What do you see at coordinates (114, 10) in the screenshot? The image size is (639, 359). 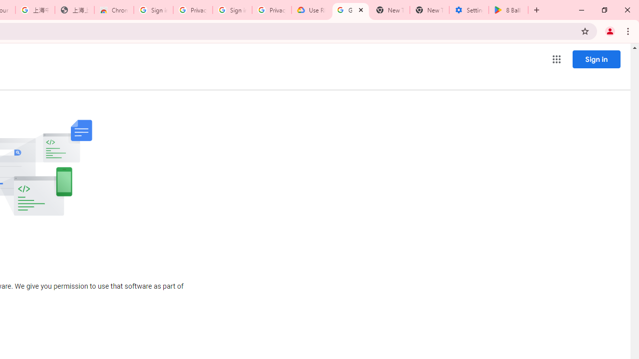 I see `'Chrome Web Store - Color themes by Chrome'` at bounding box center [114, 10].